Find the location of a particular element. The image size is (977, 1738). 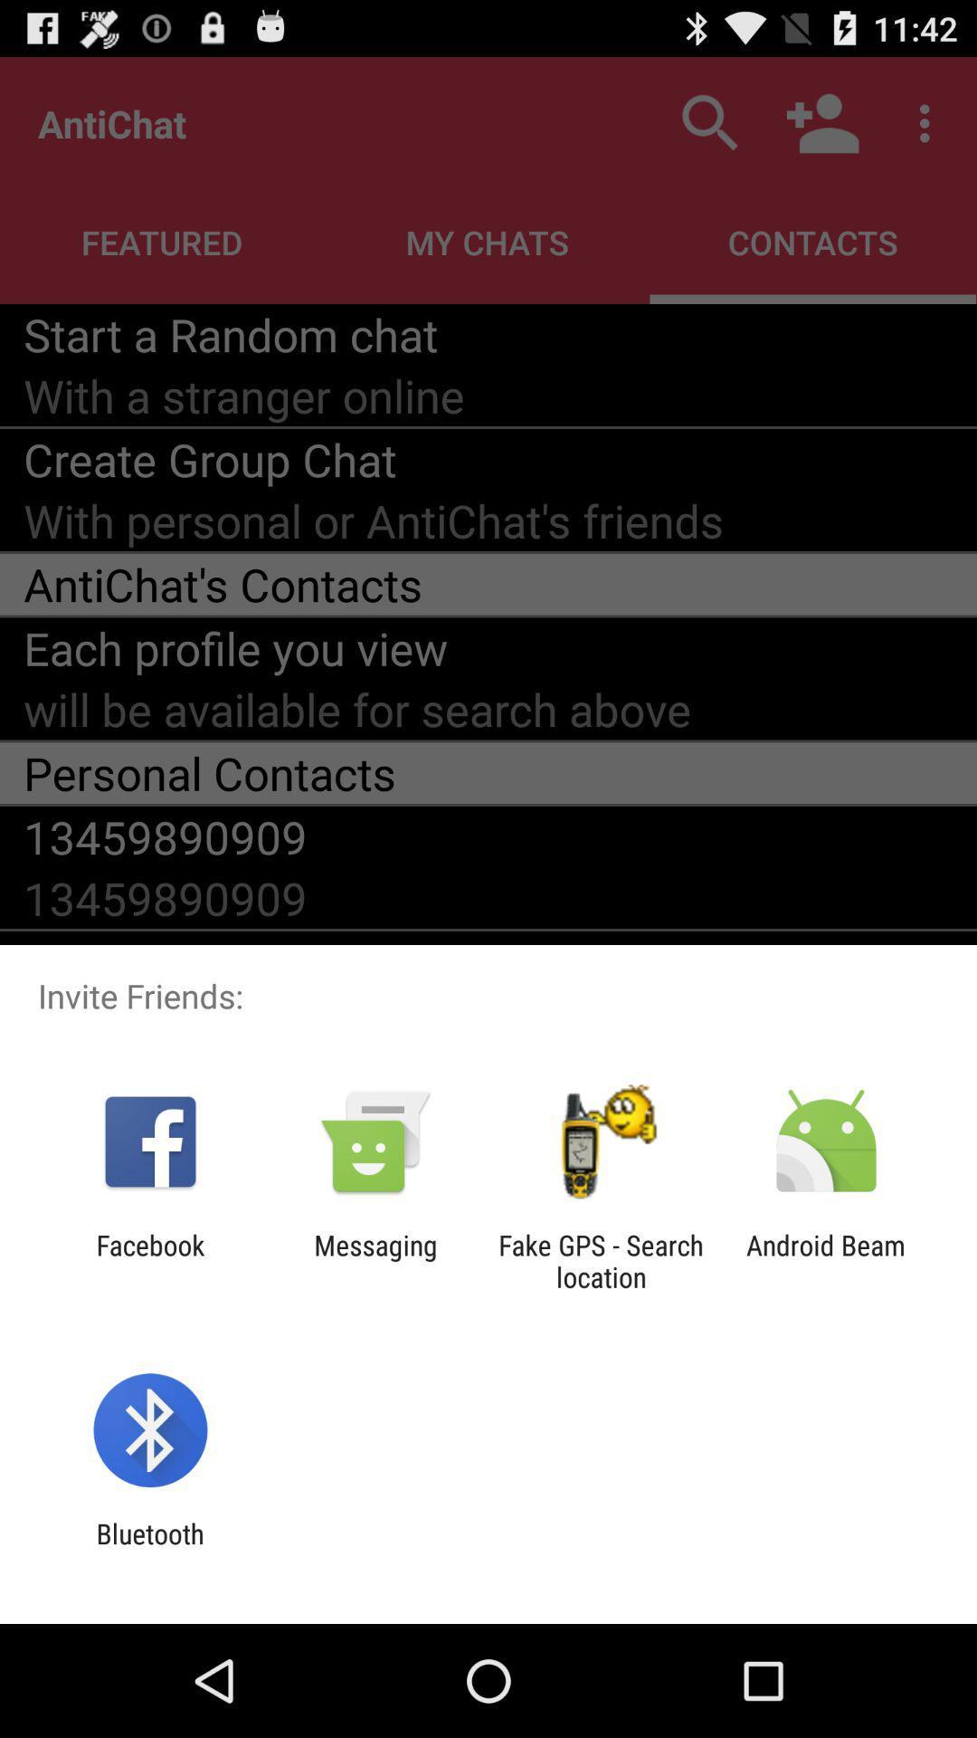

app next to fake gps search item is located at coordinates (826, 1260).